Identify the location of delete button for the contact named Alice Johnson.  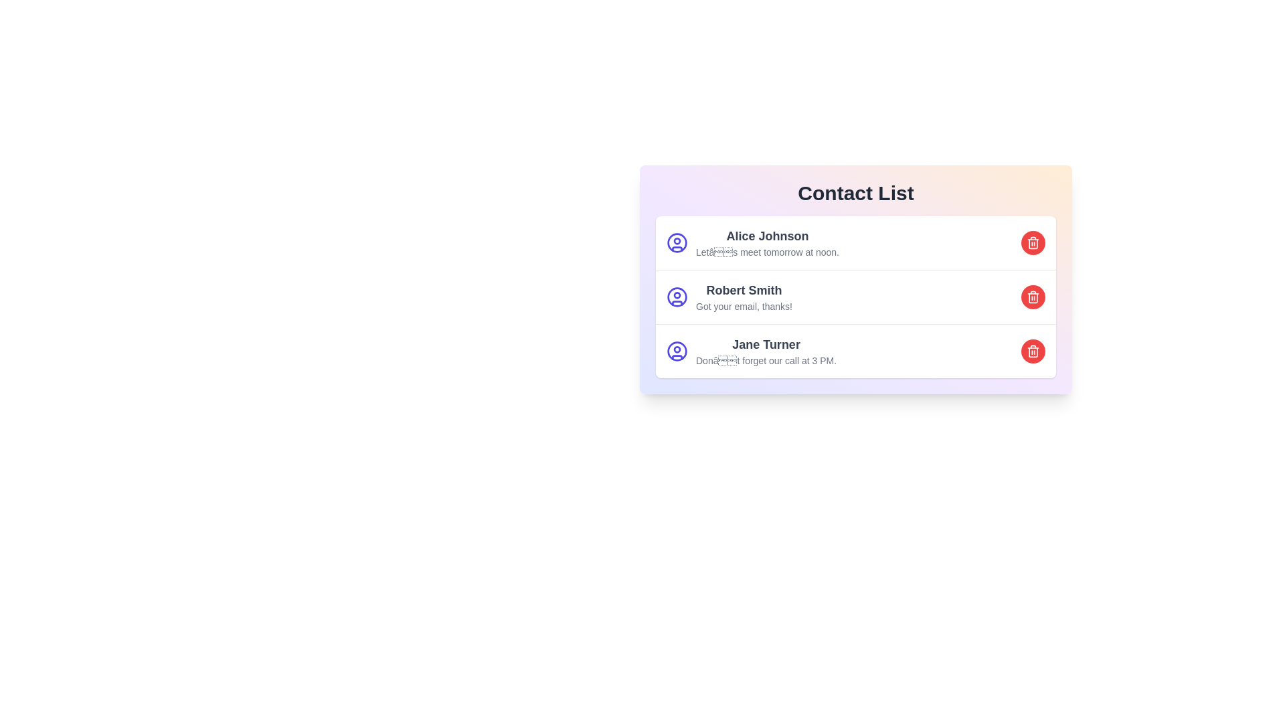
(1033, 242).